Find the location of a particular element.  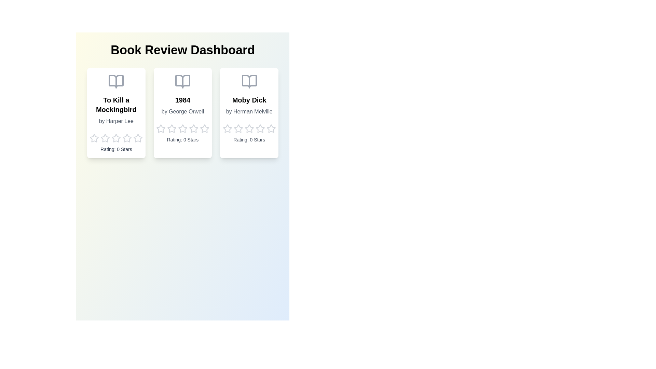

the book title To Kill a Mockingbird to select it is located at coordinates (116, 105).